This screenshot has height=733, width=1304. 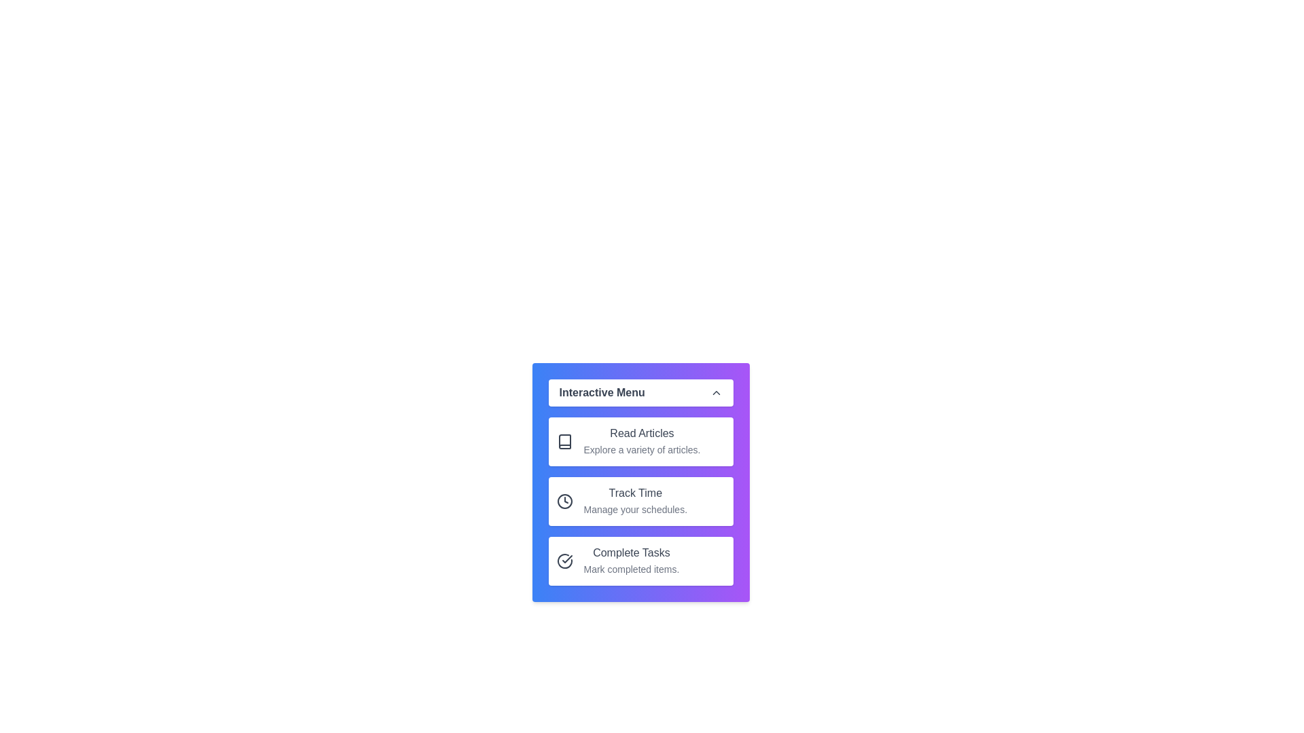 I want to click on the menu item labeled 'Complete Tasks' to observe the hover effect, so click(x=640, y=561).